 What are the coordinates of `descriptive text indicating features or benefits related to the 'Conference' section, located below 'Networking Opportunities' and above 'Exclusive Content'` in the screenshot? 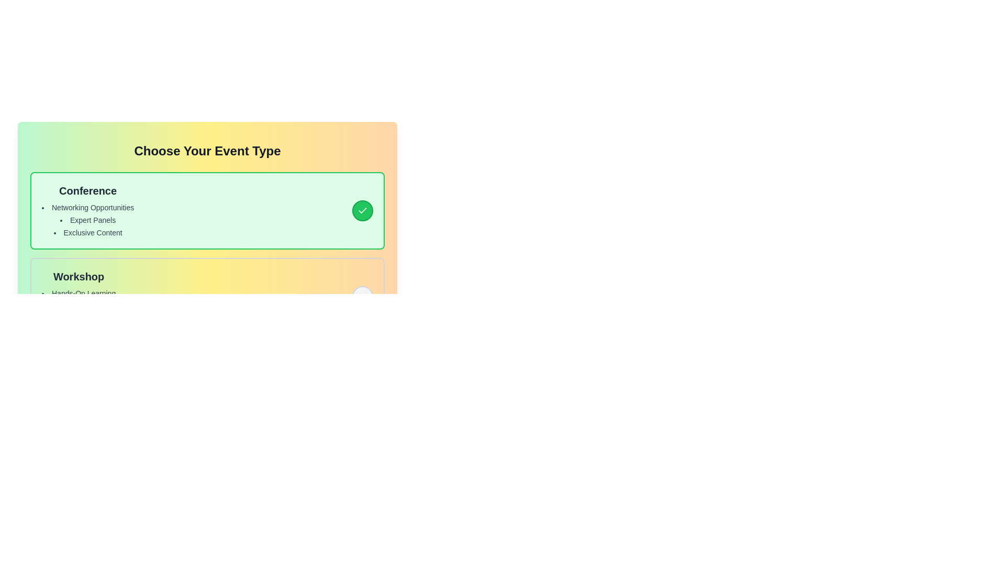 It's located at (88, 219).